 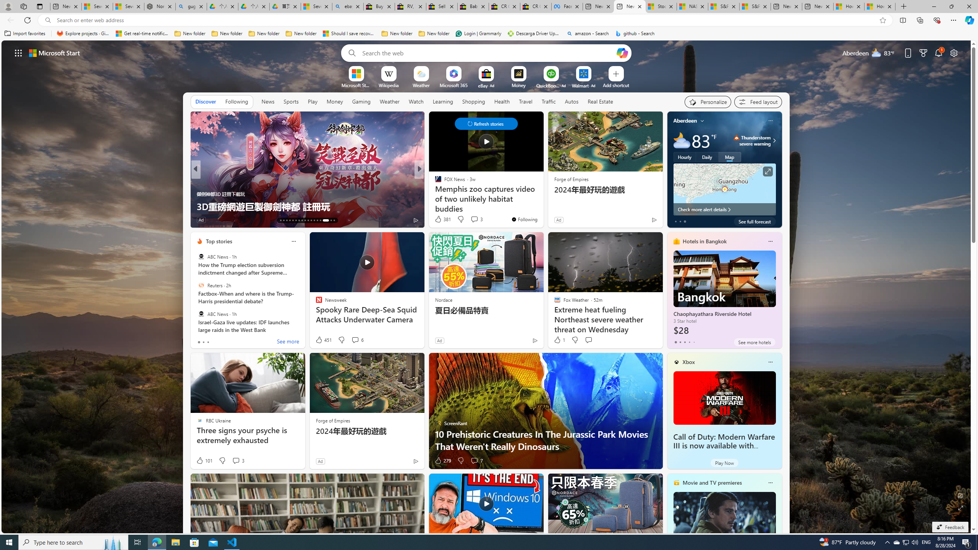 What do you see at coordinates (389, 101) in the screenshot?
I see `'Weather'` at bounding box center [389, 101].